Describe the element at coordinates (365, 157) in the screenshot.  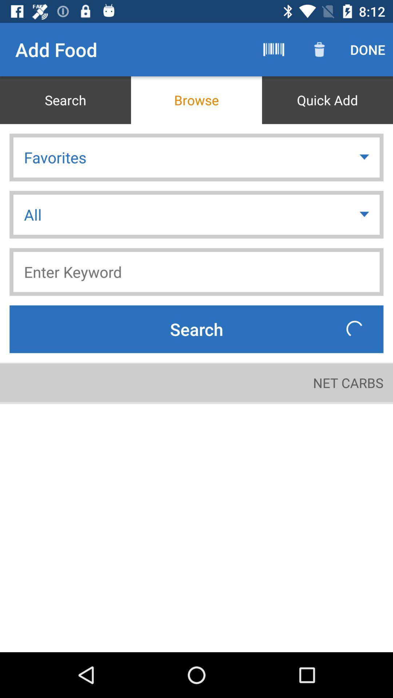
I see `item above all item` at that location.